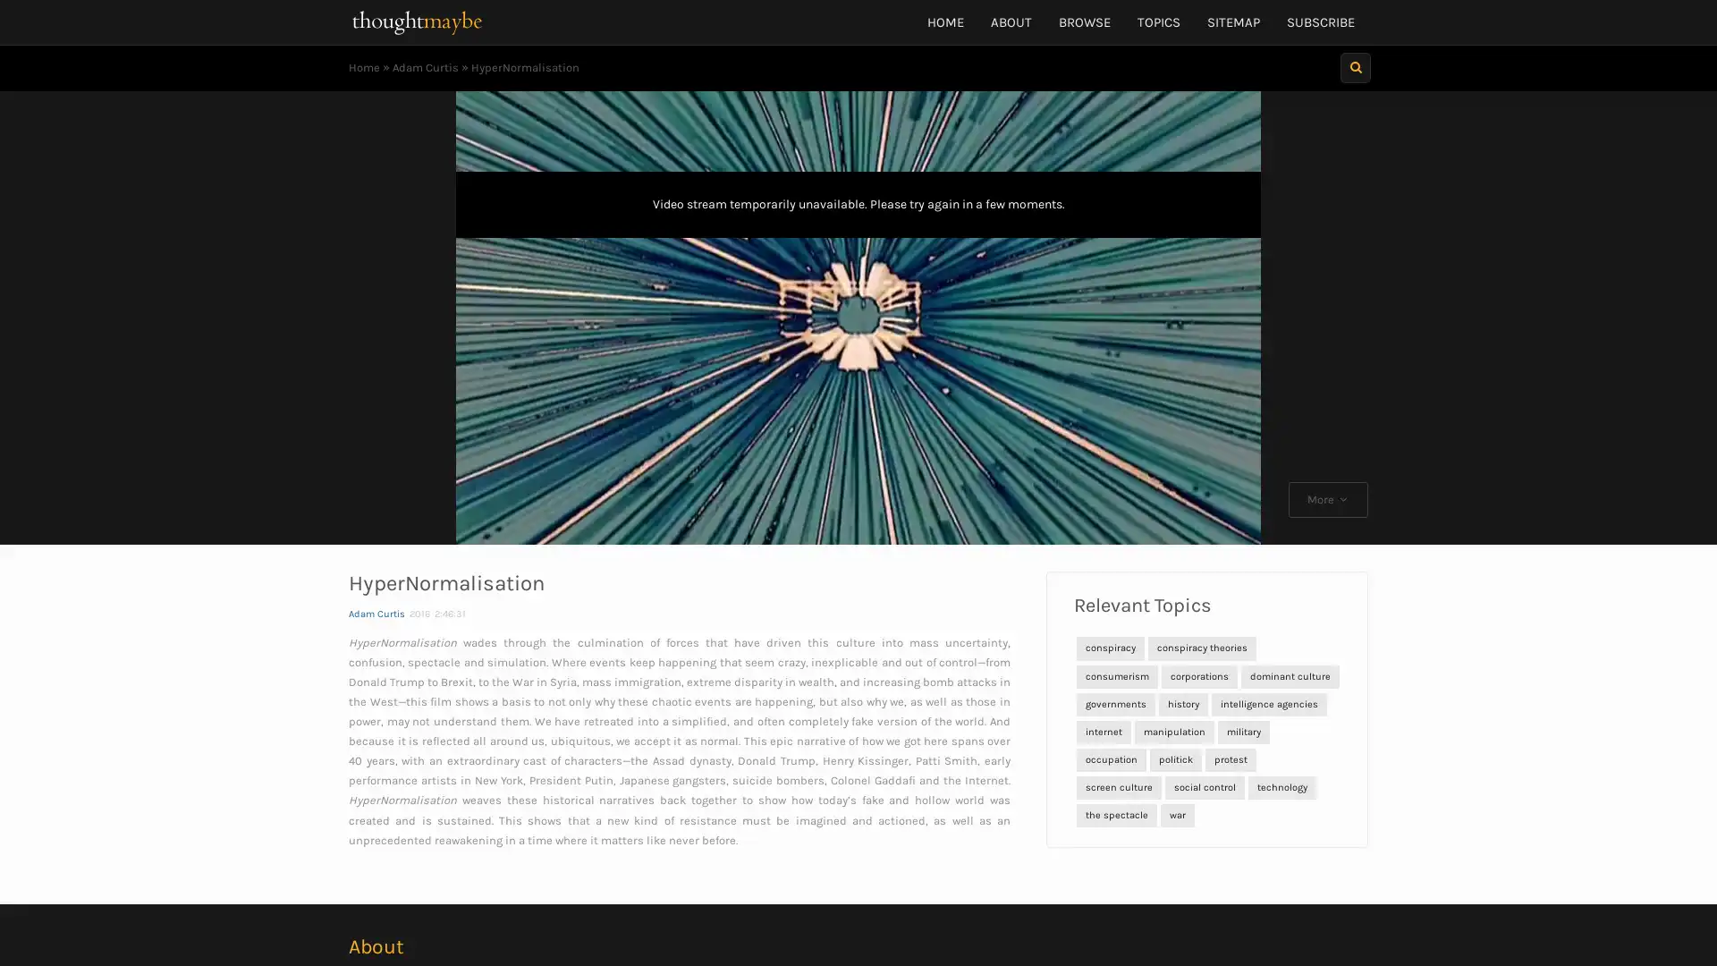 This screenshot has width=1717, height=966. I want to click on Skip back 10 seconds, so click(506, 526).